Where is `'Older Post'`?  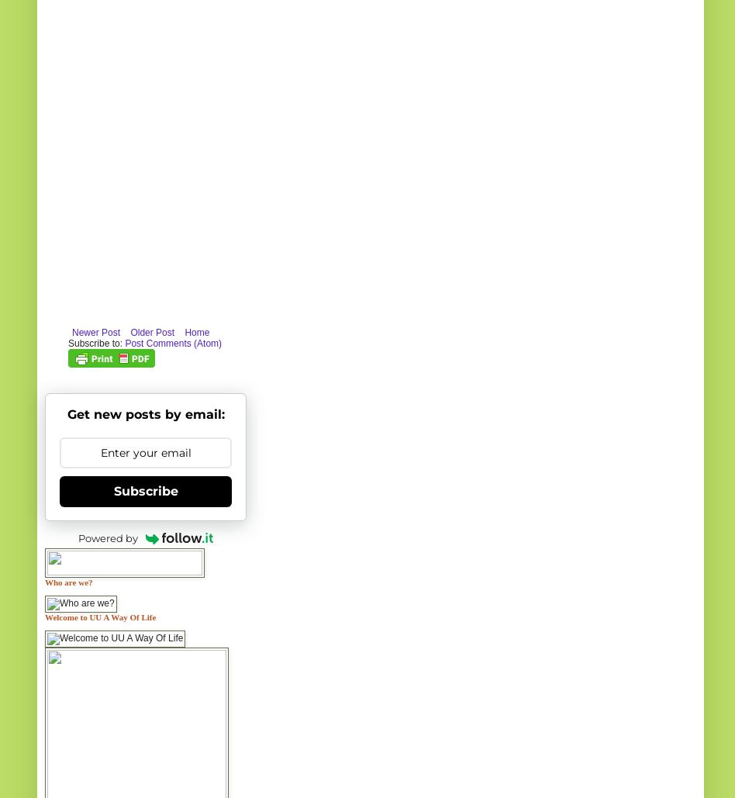
'Older Post' is located at coordinates (151, 330).